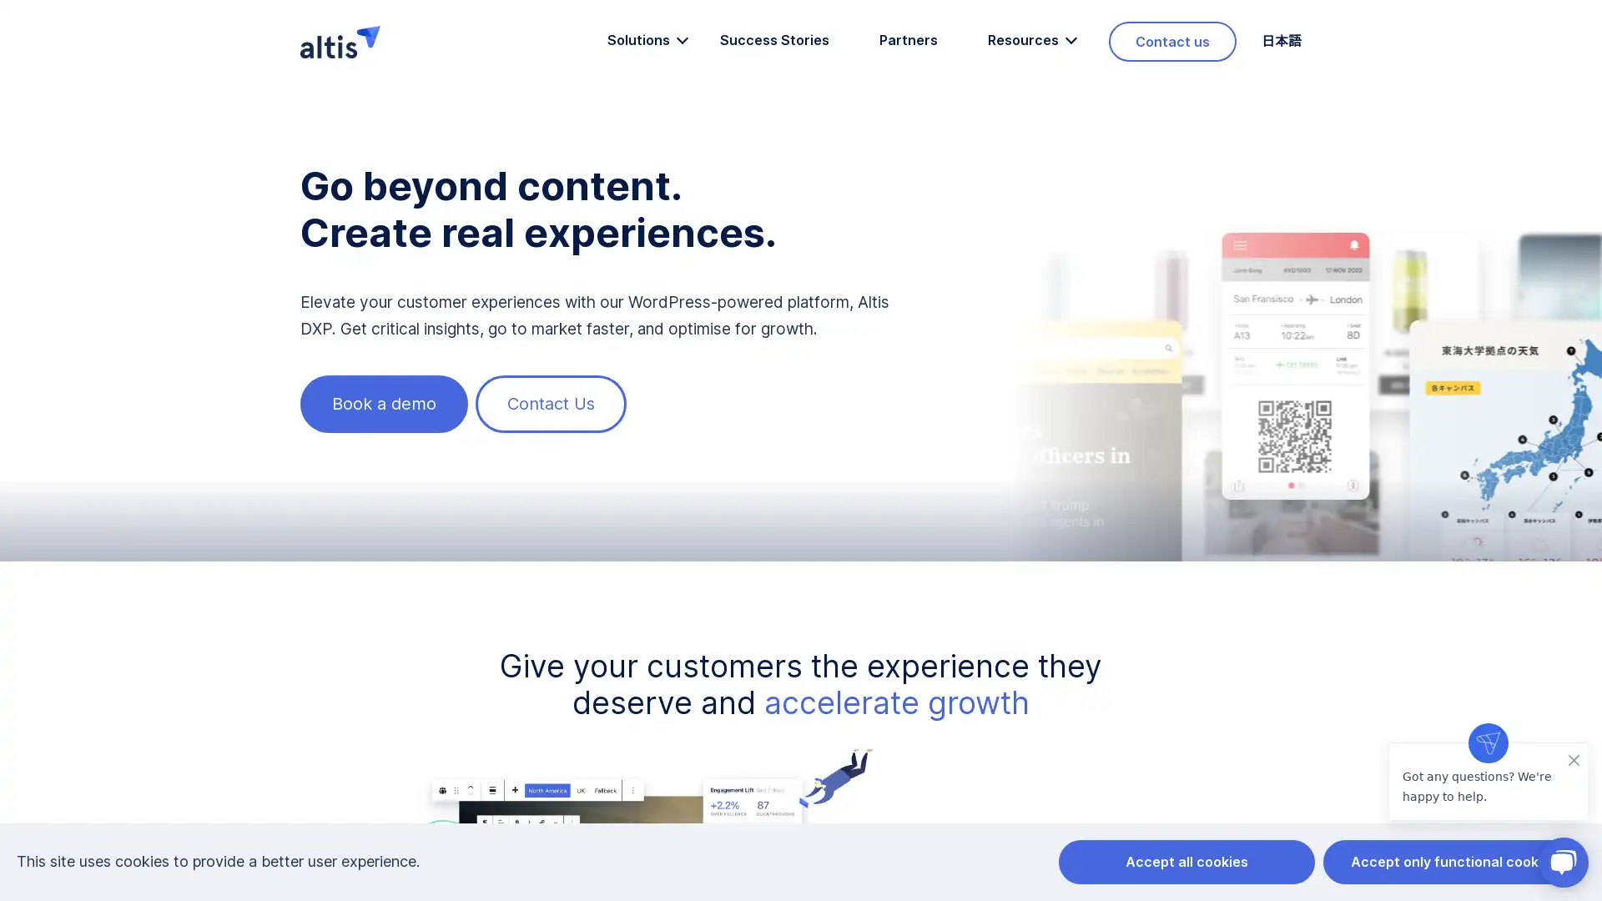 The width and height of the screenshot is (1602, 901). What do you see at coordinates (1185, 862) in the screenshot?
I see `Accept all cookies` at bounding box center [1185, 862].